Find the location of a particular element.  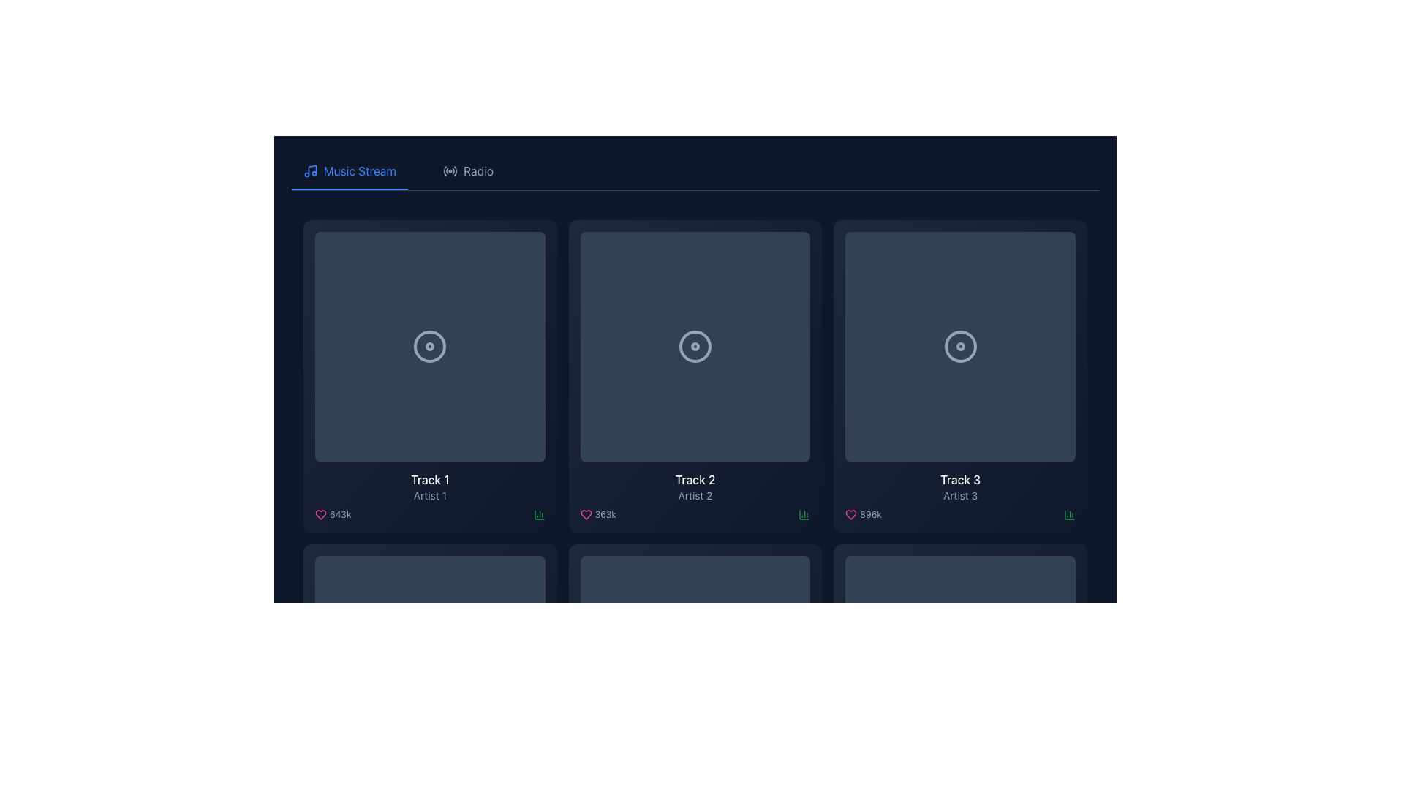

the circular icon located in the first card labeled 'Track 1' and 'Artist 1', which is a disc-like appearance with two concentric circles is located at coordinates (429, 347).